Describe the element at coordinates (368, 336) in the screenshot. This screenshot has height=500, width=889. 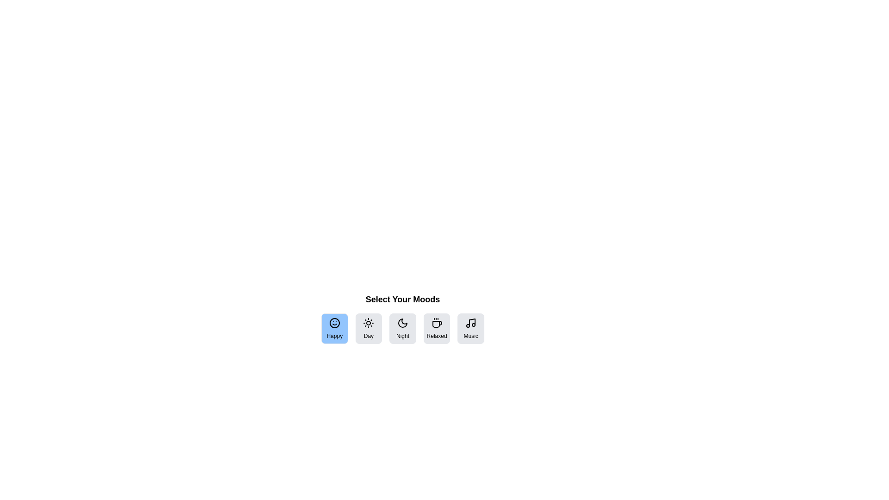
I see `the static text label located below the circular icon of the second button in a horizontal row of similar buttons` at that location.